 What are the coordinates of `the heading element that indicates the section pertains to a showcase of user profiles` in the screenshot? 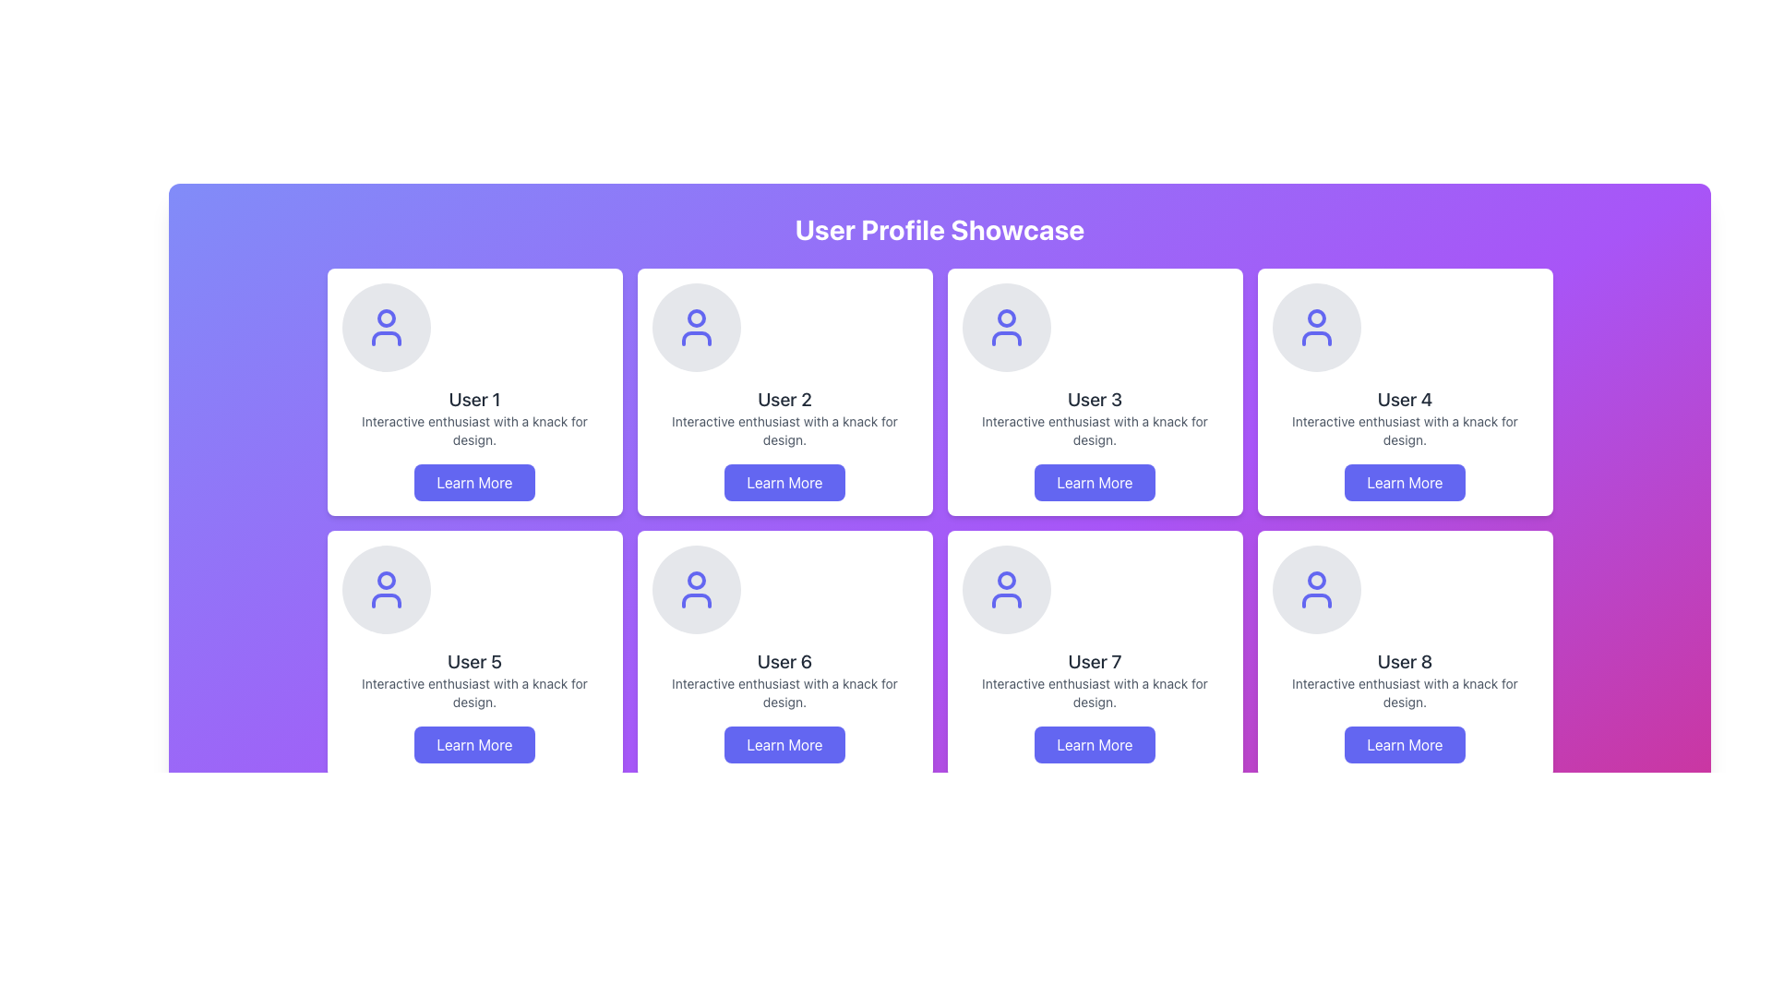 It's located at (940, 229).